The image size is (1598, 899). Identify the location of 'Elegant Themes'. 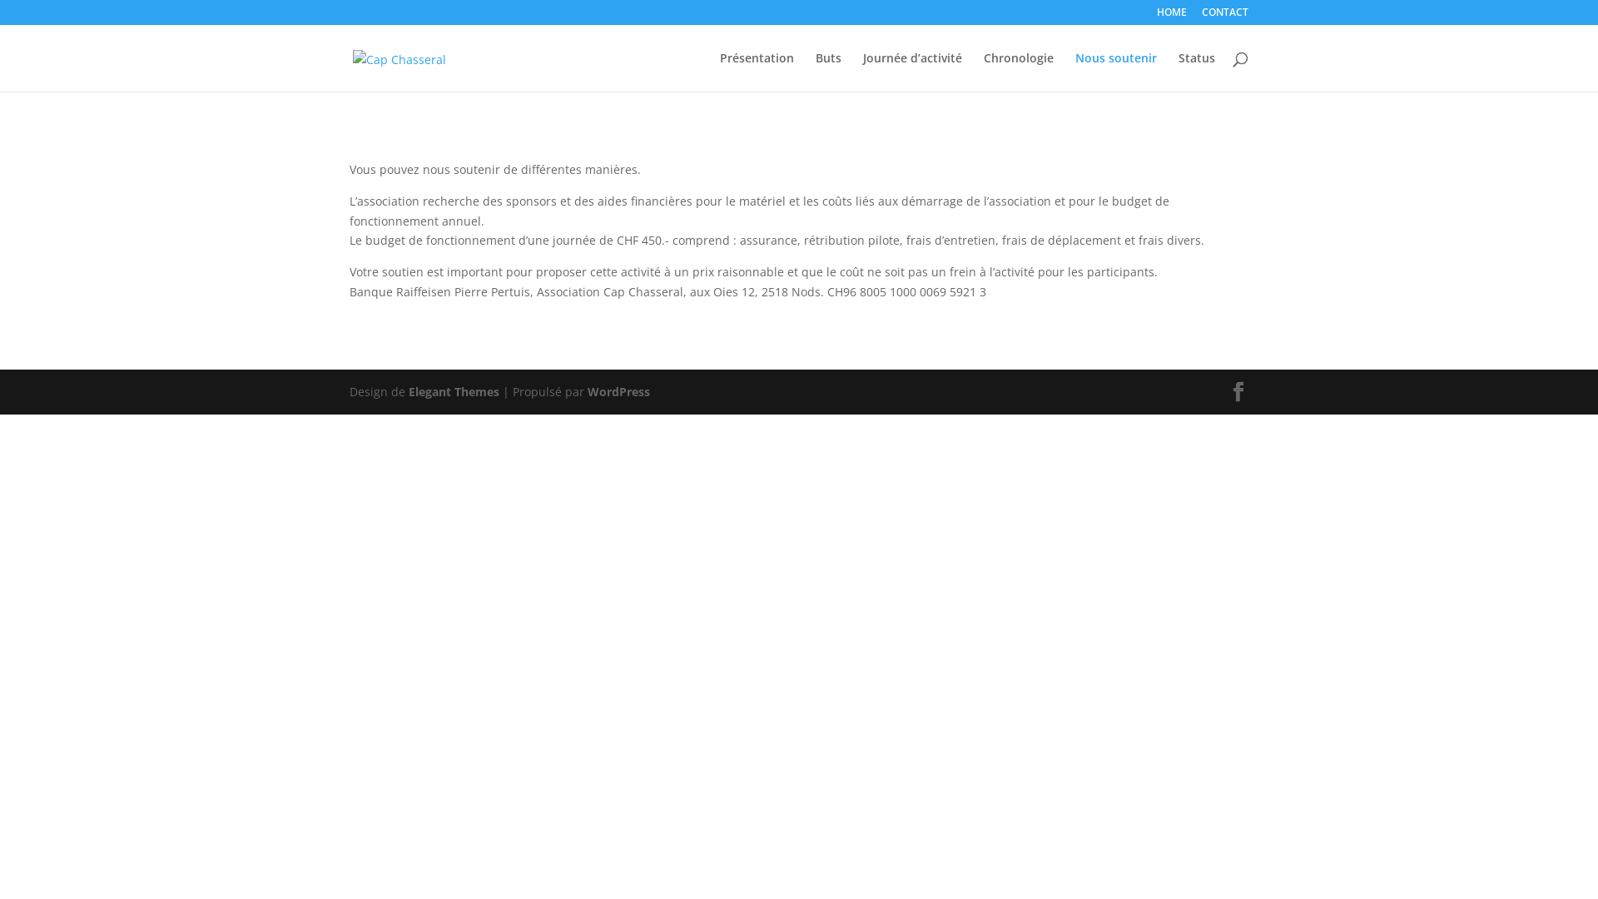
(454, 391).